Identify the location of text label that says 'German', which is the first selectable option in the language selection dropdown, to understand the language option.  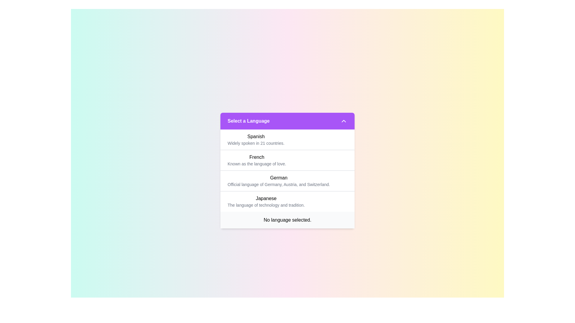
(279, 177).